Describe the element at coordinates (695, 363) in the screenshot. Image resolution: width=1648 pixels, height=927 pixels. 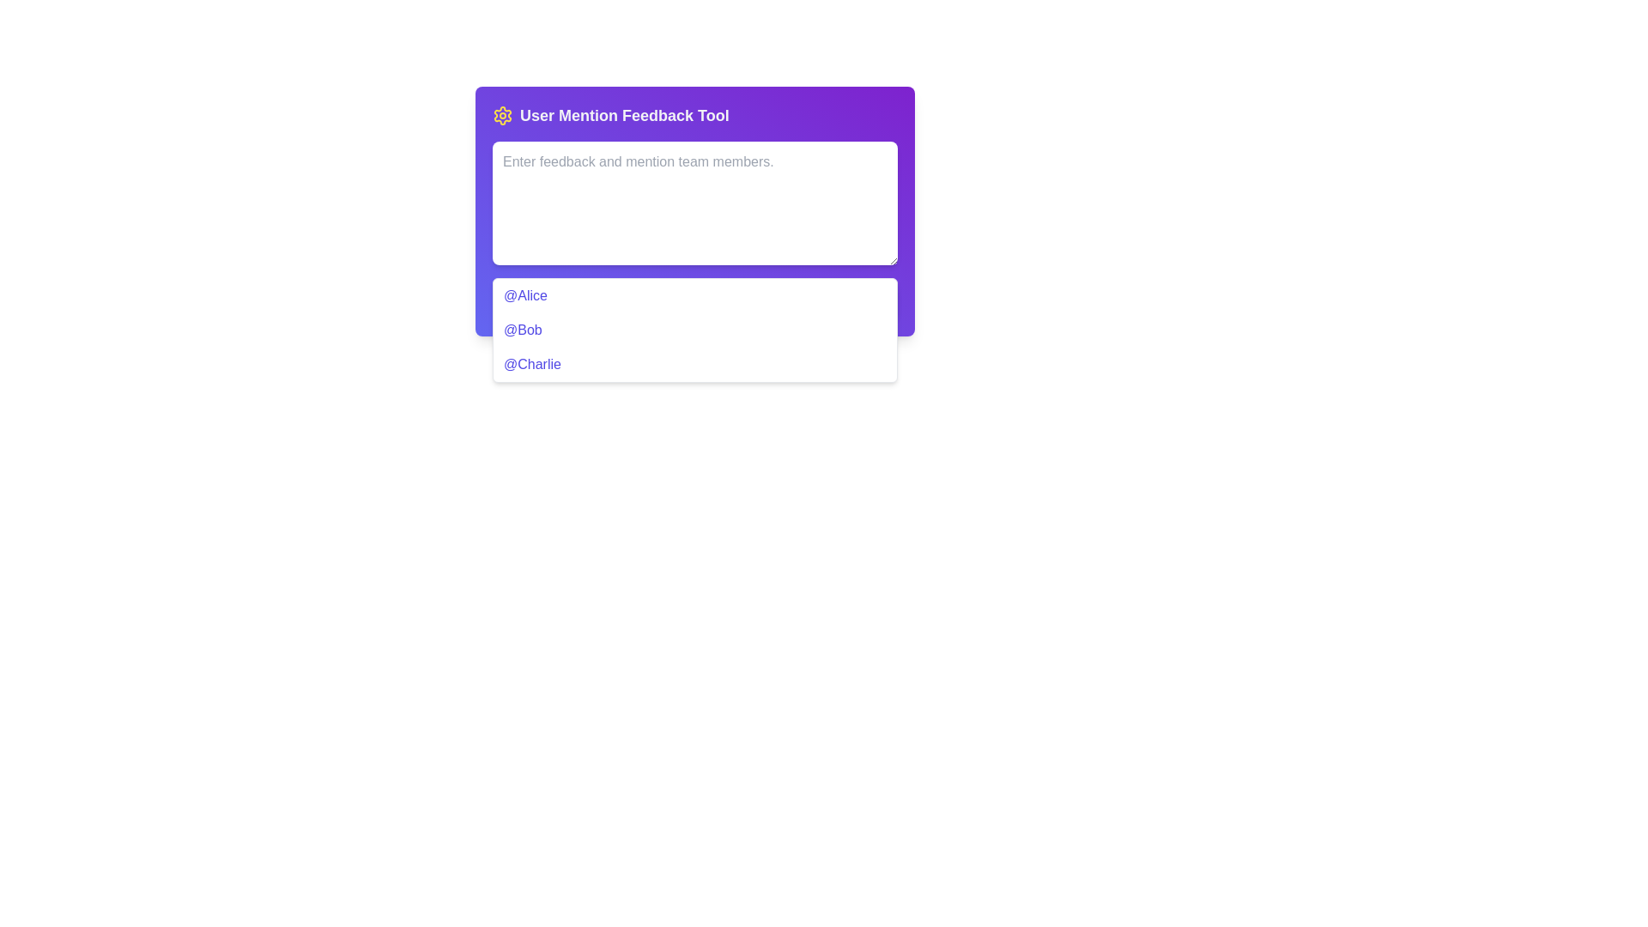
I see `the selectable list item labeled '@Charlie' in purple font` at that location.